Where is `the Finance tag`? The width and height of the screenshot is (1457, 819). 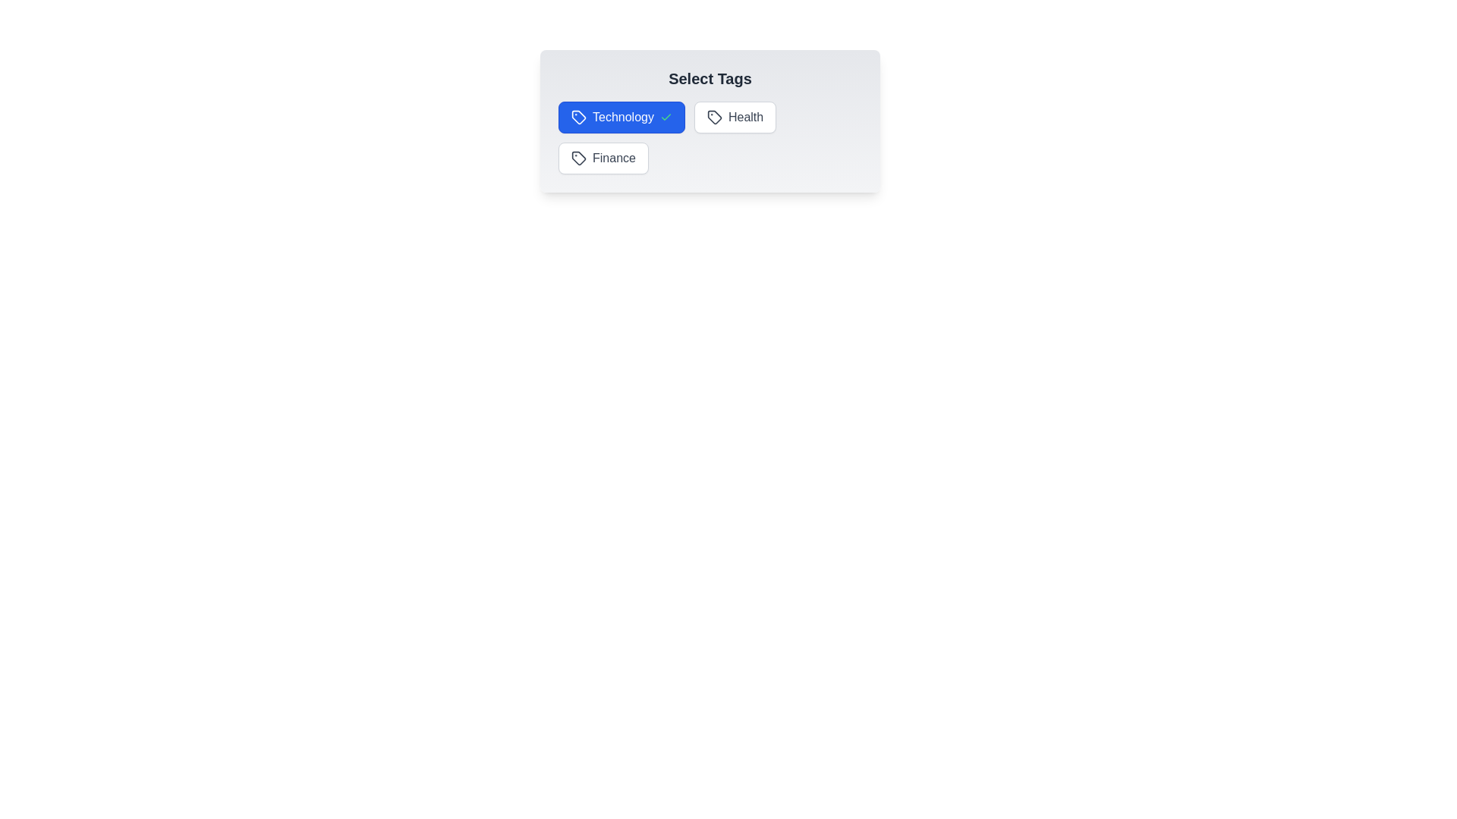 the Finance tag is located at coordinates (603, 158).